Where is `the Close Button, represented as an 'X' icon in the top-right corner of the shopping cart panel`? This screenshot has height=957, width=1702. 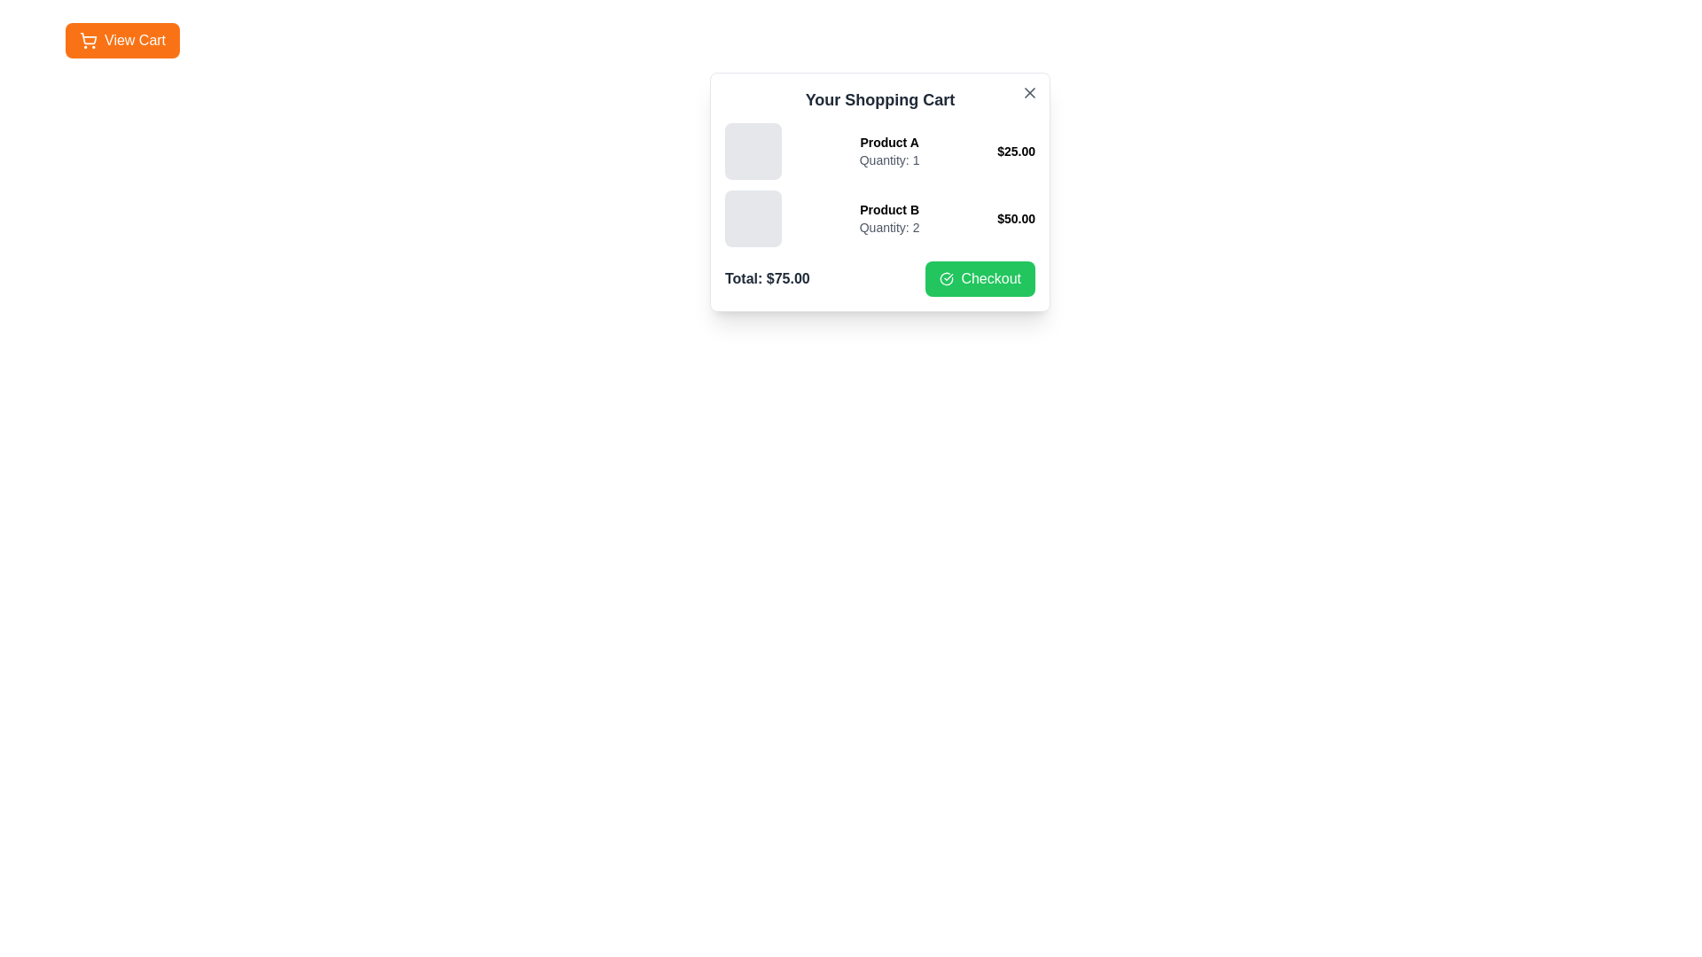
the Close Button, represented as an 'X' icon in the top-right corner of the shopping cart panel is located at coordinates (1029, 92).